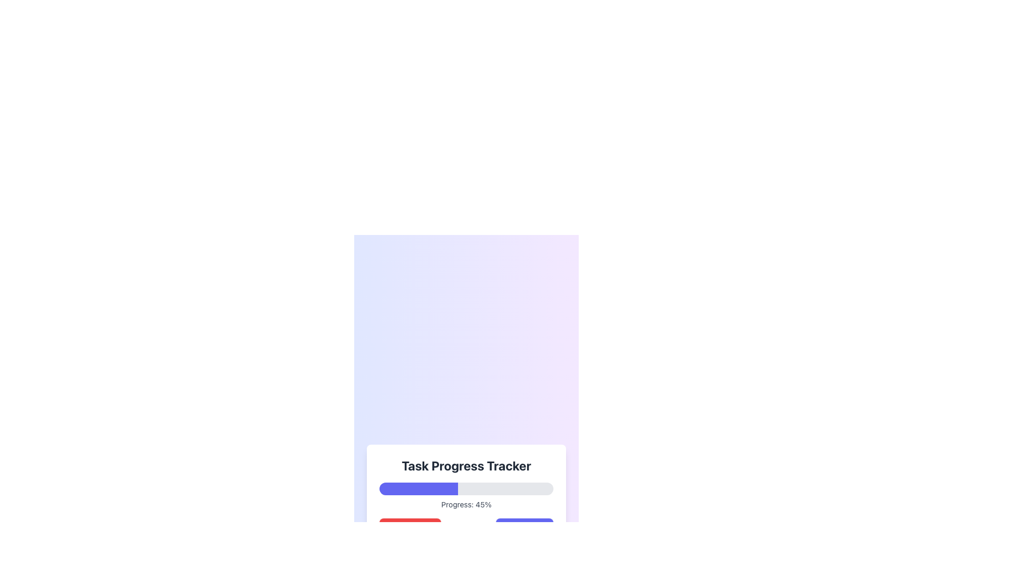 The image size is (1012, 569). What do you see at coordinates (418, 489) in the screenshot?
I see `the filled portion of the progress bar indicating 45% completion in the 'Task Progress Tracker'` at bounding box center [418, 489].